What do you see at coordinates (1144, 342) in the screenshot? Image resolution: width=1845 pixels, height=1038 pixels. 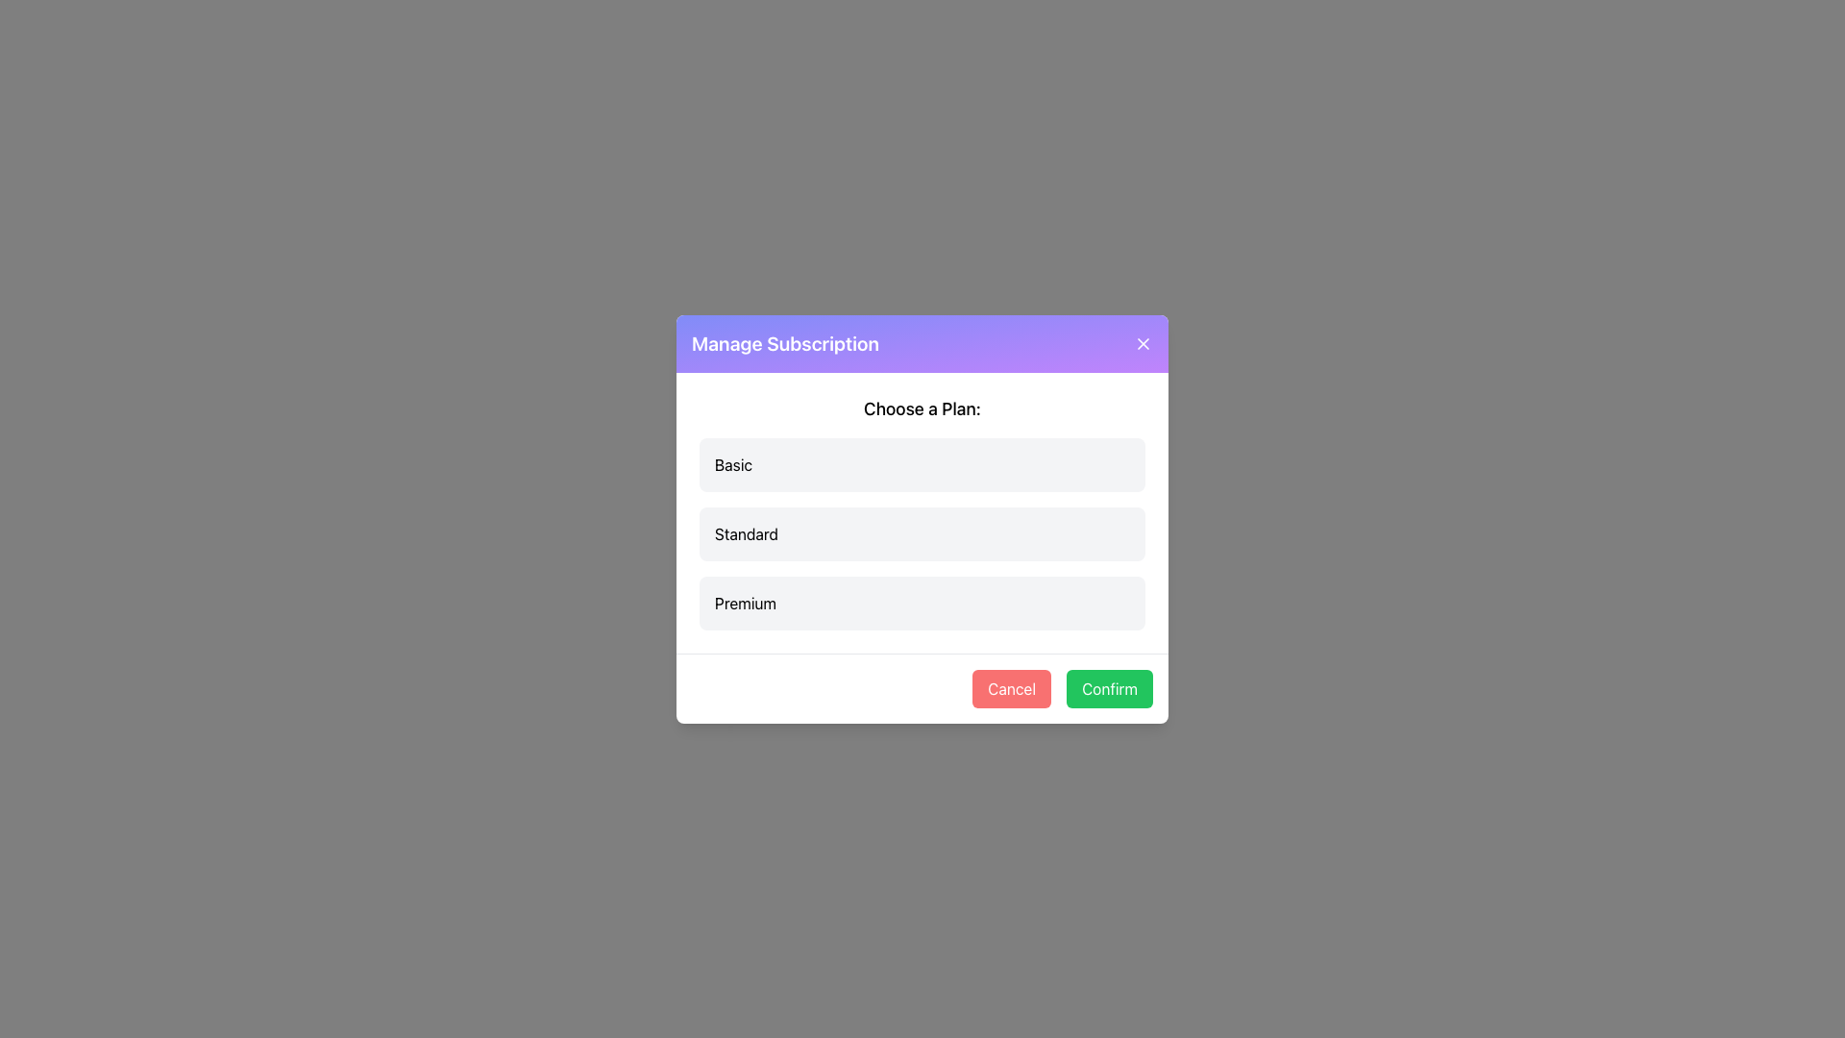 I see `the close button located at the far right of the modal's header, adjacent to the 'Manage Subscription' title` at bounding box center [1144, 342].